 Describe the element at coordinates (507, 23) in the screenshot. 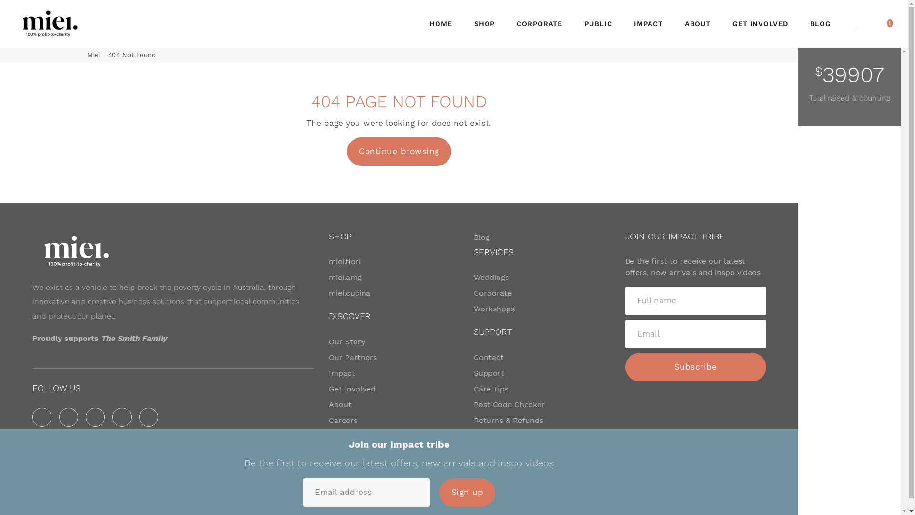

I see `'CORPORATE'` at that location.